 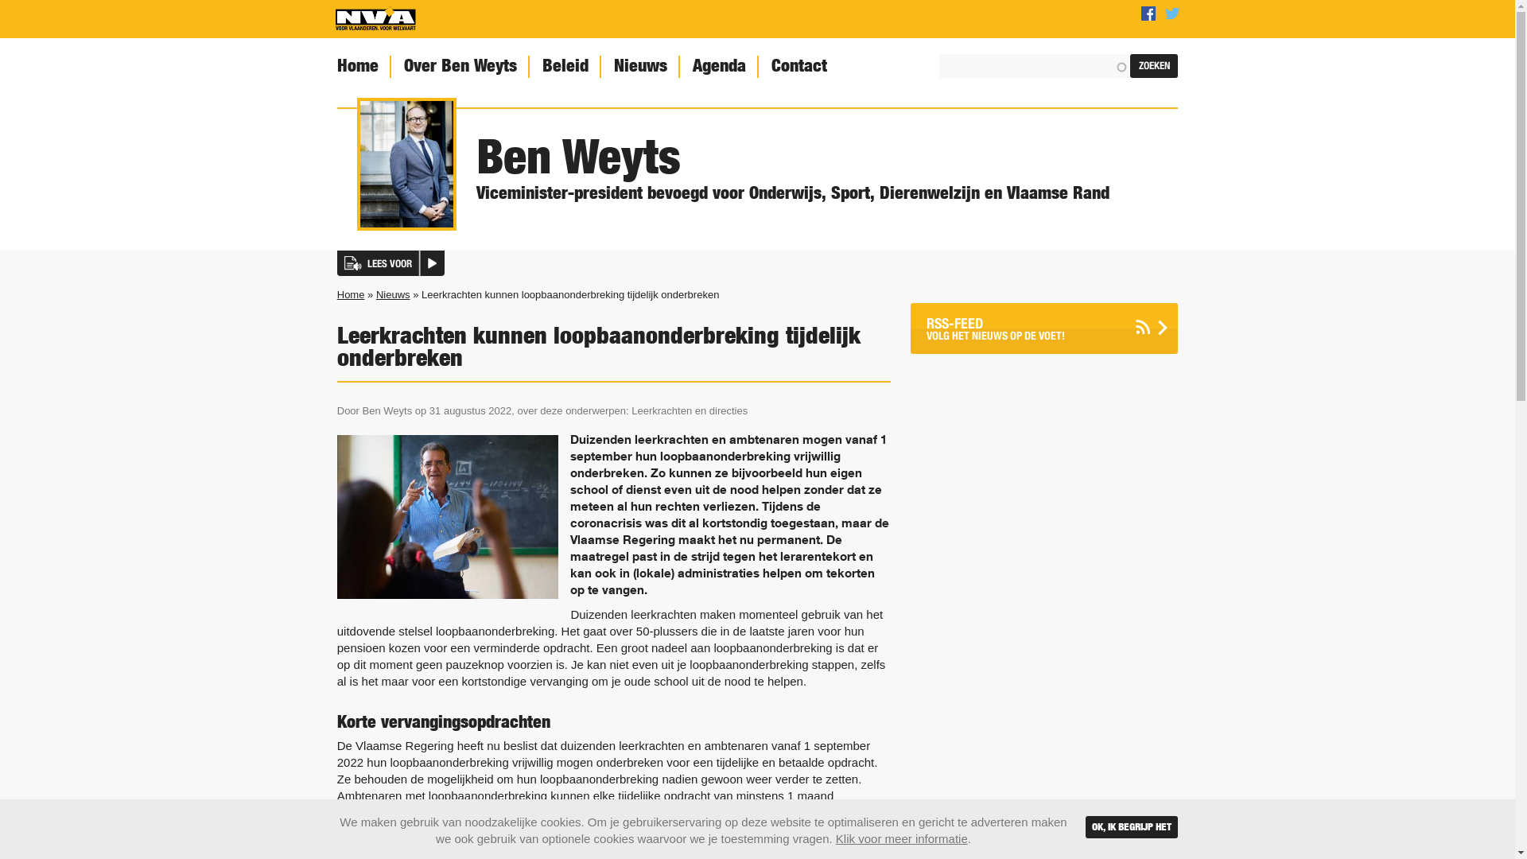 I want to click on 'Nieuws', so click(x=393, y=293).